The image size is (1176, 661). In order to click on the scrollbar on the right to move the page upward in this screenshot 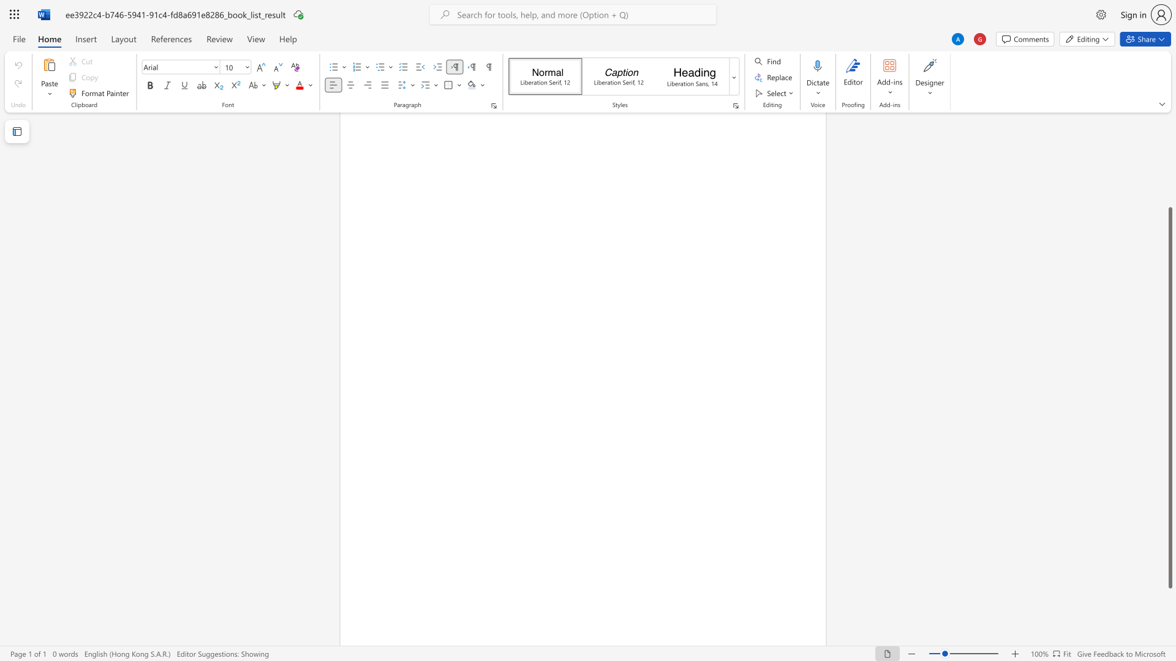, I will do `click(1169, 158)`.